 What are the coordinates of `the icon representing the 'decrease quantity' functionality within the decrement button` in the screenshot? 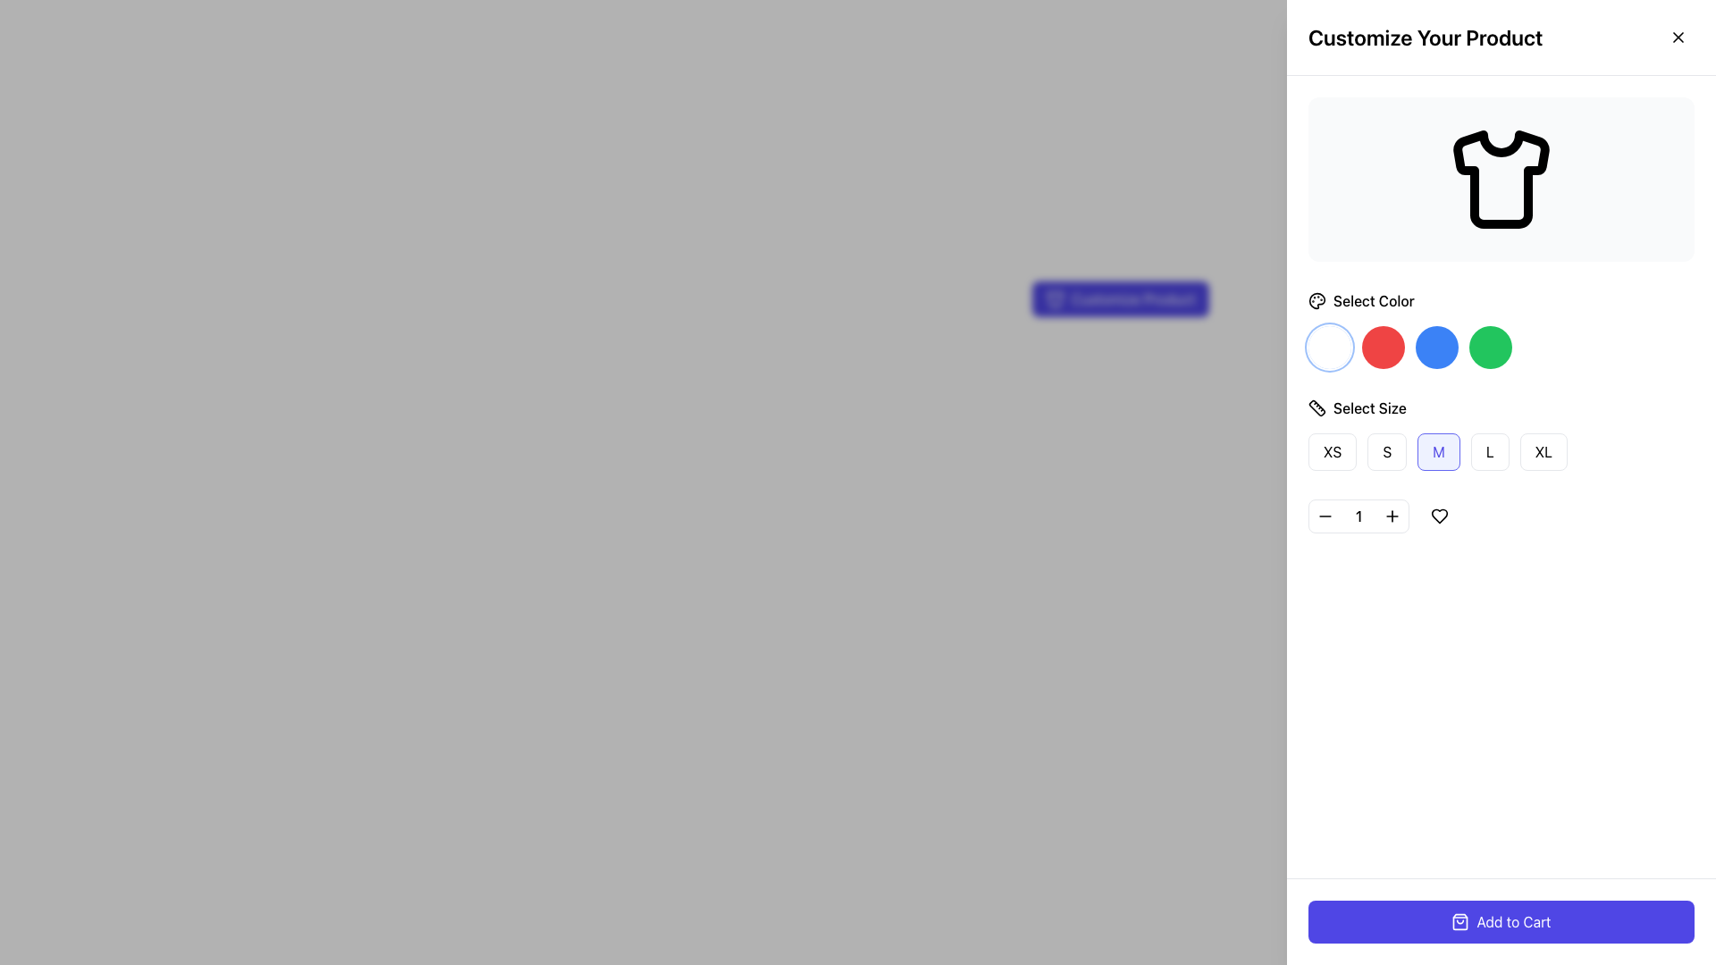 It's located at (1325, 516).